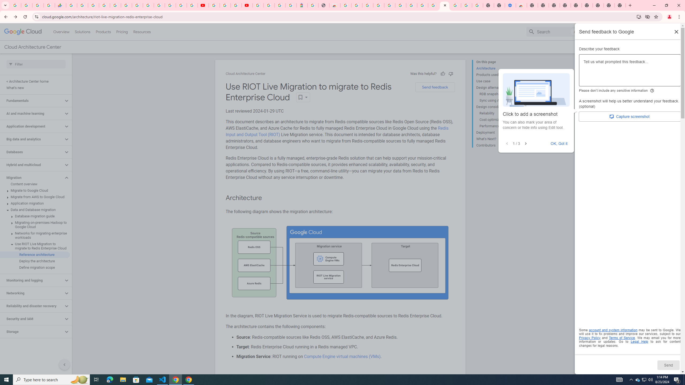 The image size is (685, 385). I want to click on 'AI and machine learning', so click(32, 113).